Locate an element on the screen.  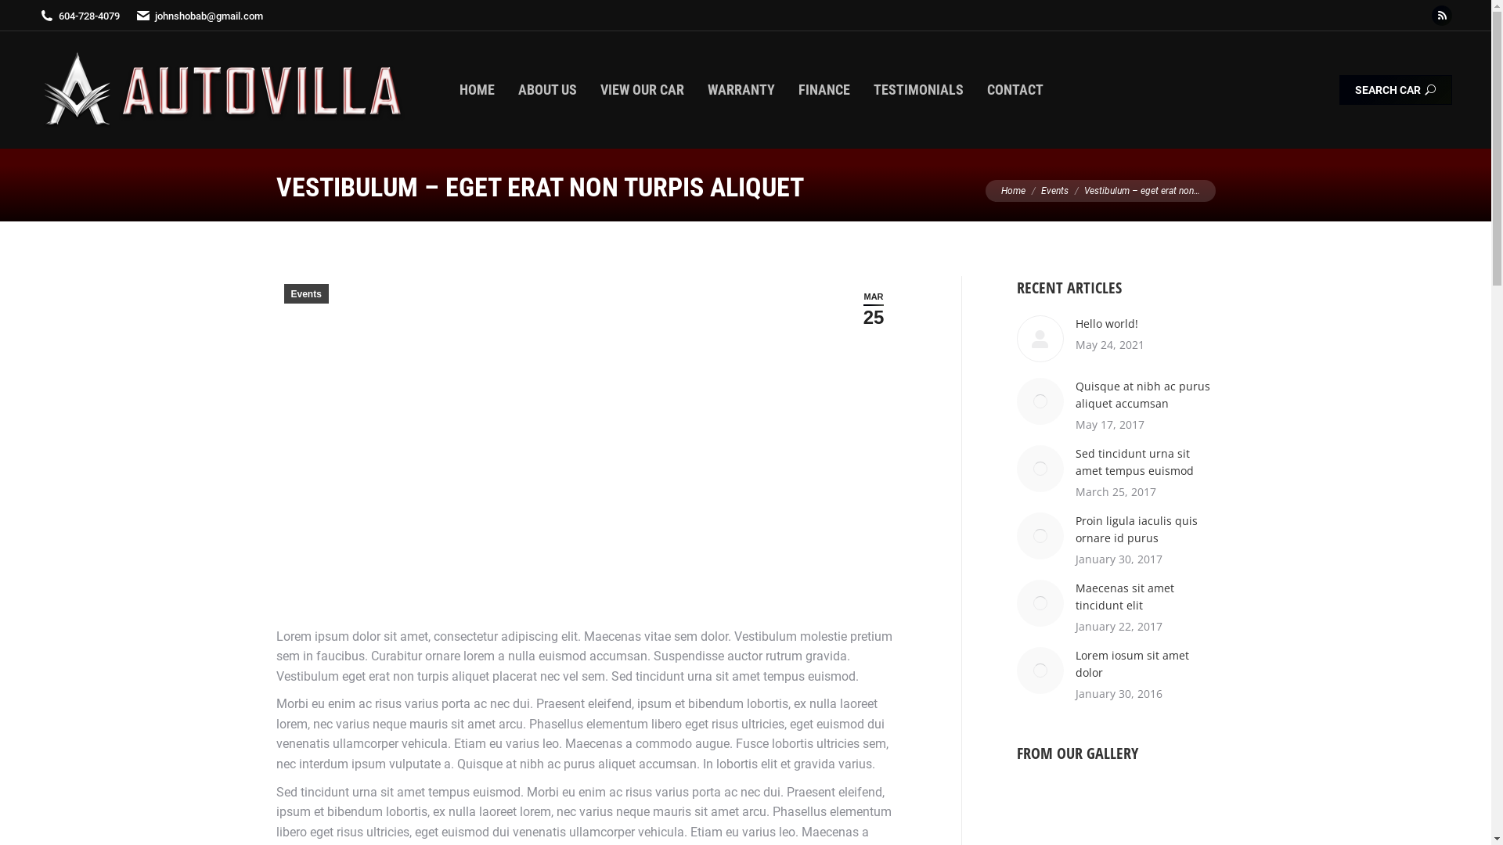
'Proin ligula iaculis quis ornare id purus' is located at coordinates (1145, 529).